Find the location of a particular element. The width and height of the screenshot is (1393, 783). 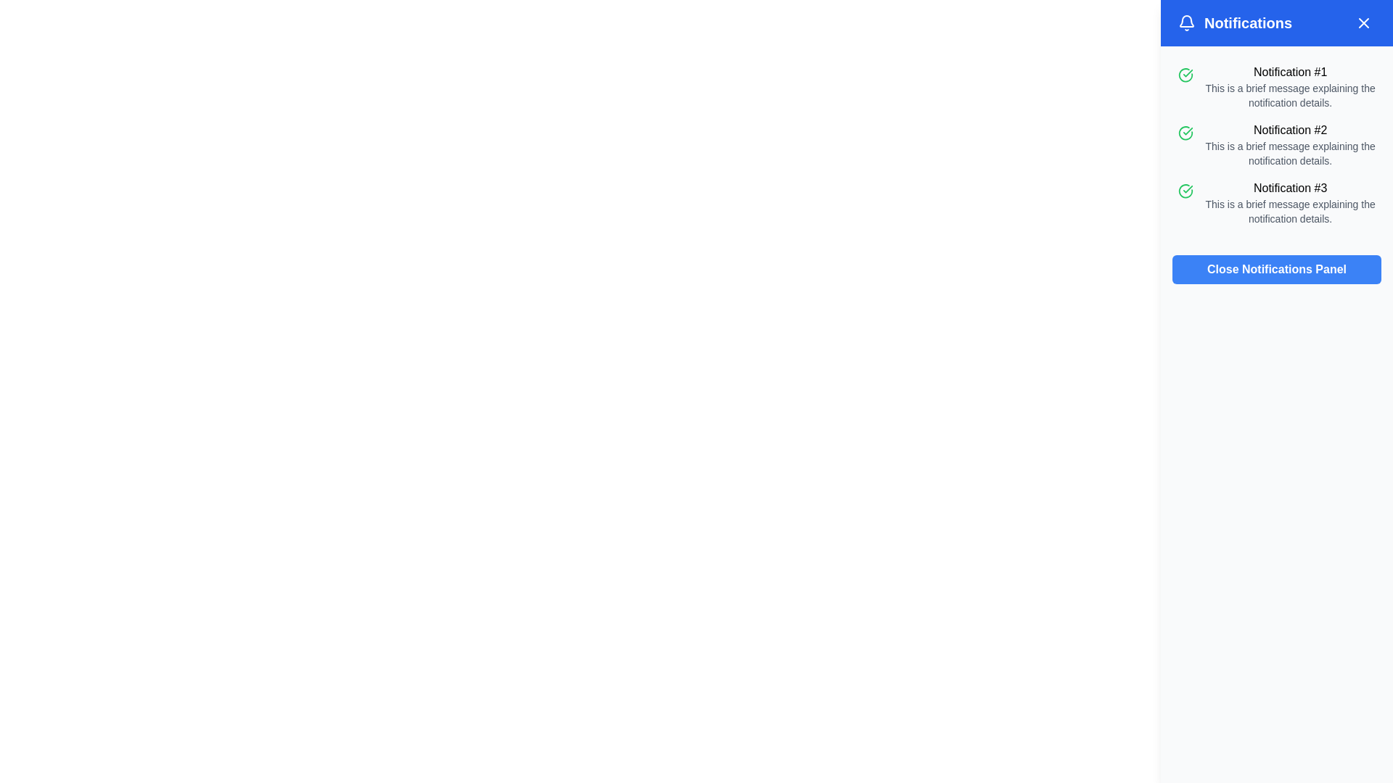

the checkmark icon in the second notification block titled 'Notification #2' in the notifications panel is located at coordinates (1186, 133).